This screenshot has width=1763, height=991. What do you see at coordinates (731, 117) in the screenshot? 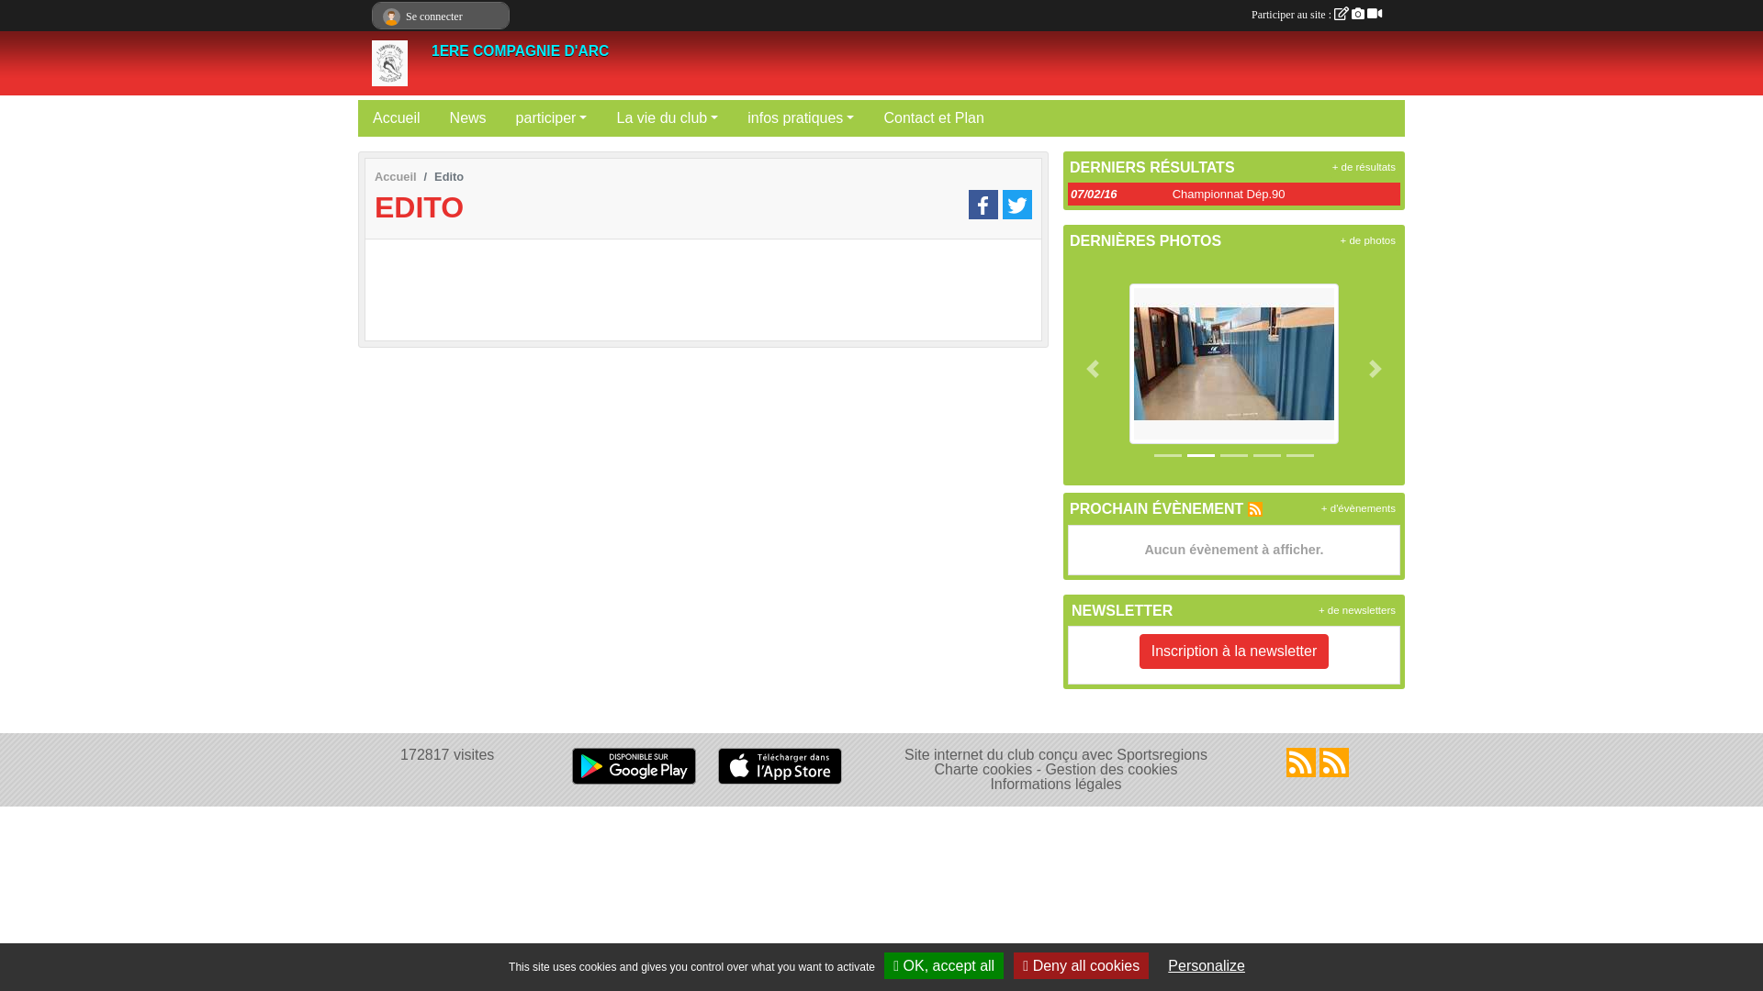
I see `'infos pratiques'` at bounding box center [731, 117].